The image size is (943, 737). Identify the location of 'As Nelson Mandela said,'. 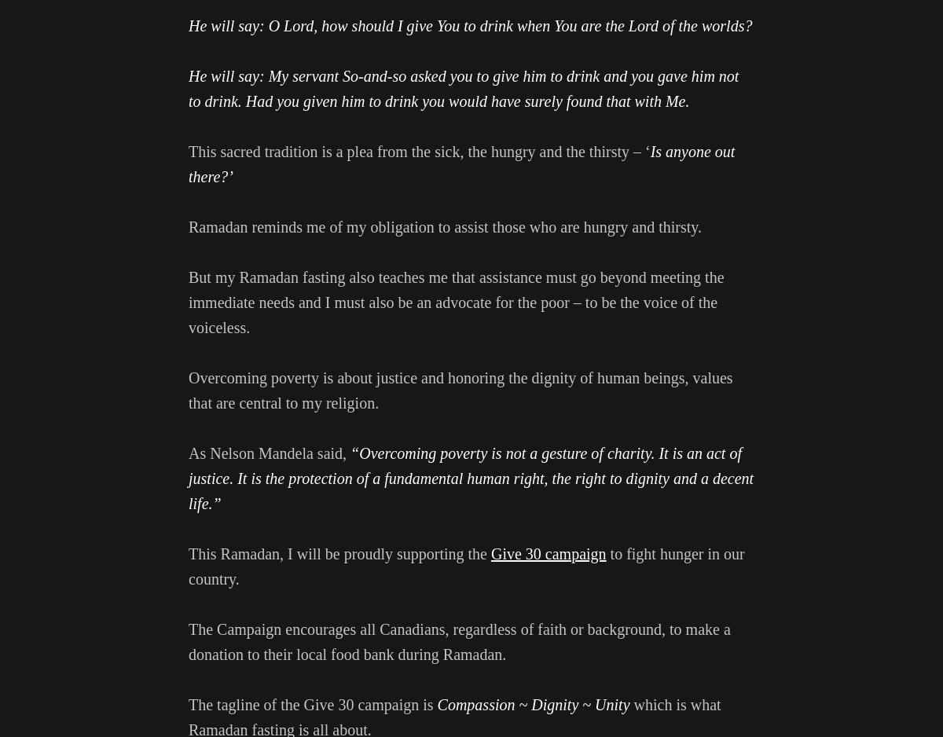
(188, 452).